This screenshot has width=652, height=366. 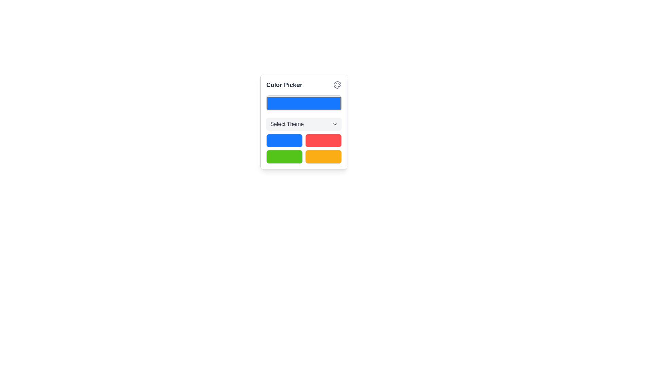 I want to click on the top-right red button in the grid layout, so click(x=323, y=140).